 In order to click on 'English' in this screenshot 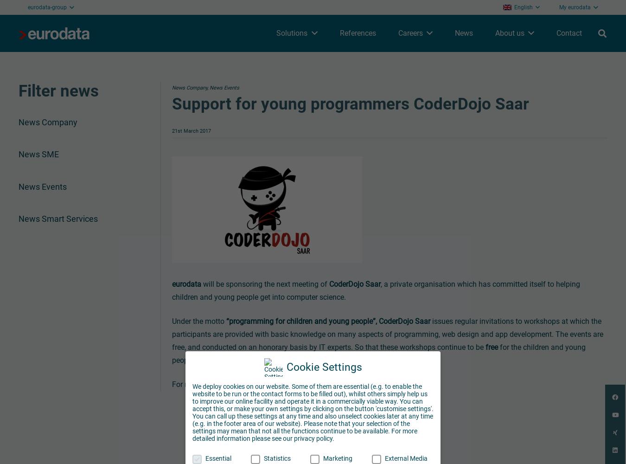, I will do `click(523, 7)`.